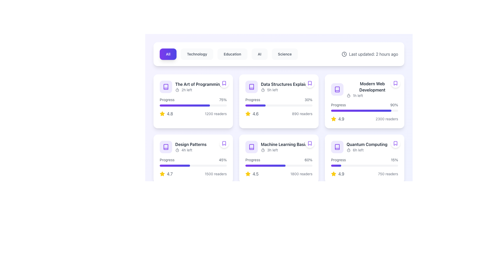 This screenshot has width=497, height=280. I want to click on the Rating display for 'Data Structures Explained', which consists of a yellow star icon followed by the text '4.6', so click(252, 114).